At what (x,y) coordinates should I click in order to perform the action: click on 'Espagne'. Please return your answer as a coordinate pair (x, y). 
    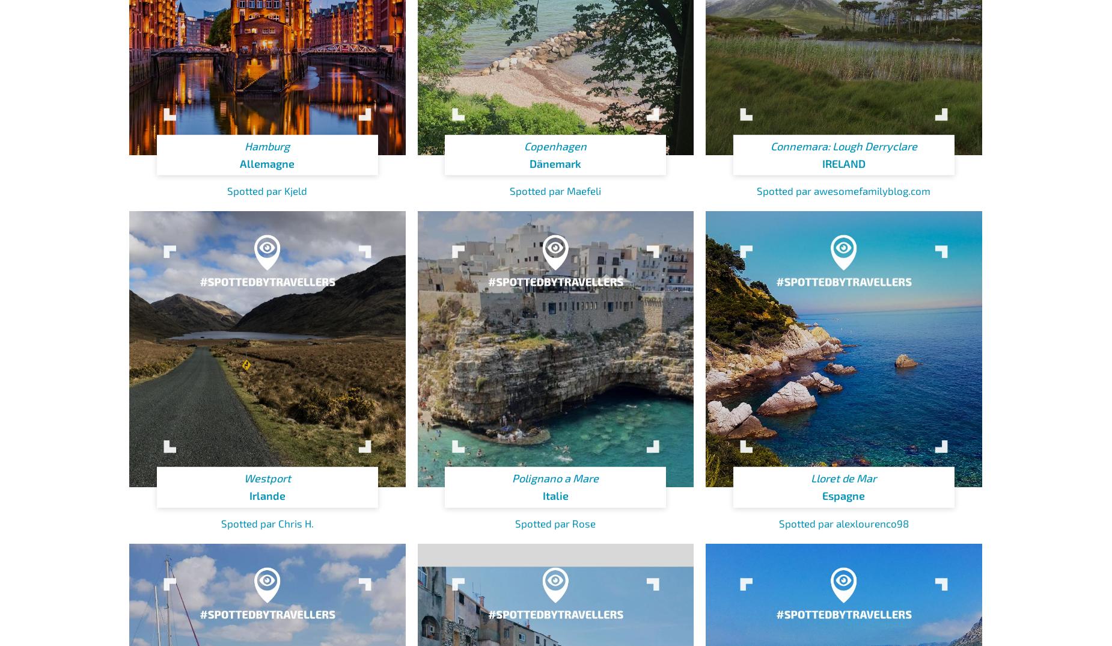
    Looking at the image, I should click on (843, 495).